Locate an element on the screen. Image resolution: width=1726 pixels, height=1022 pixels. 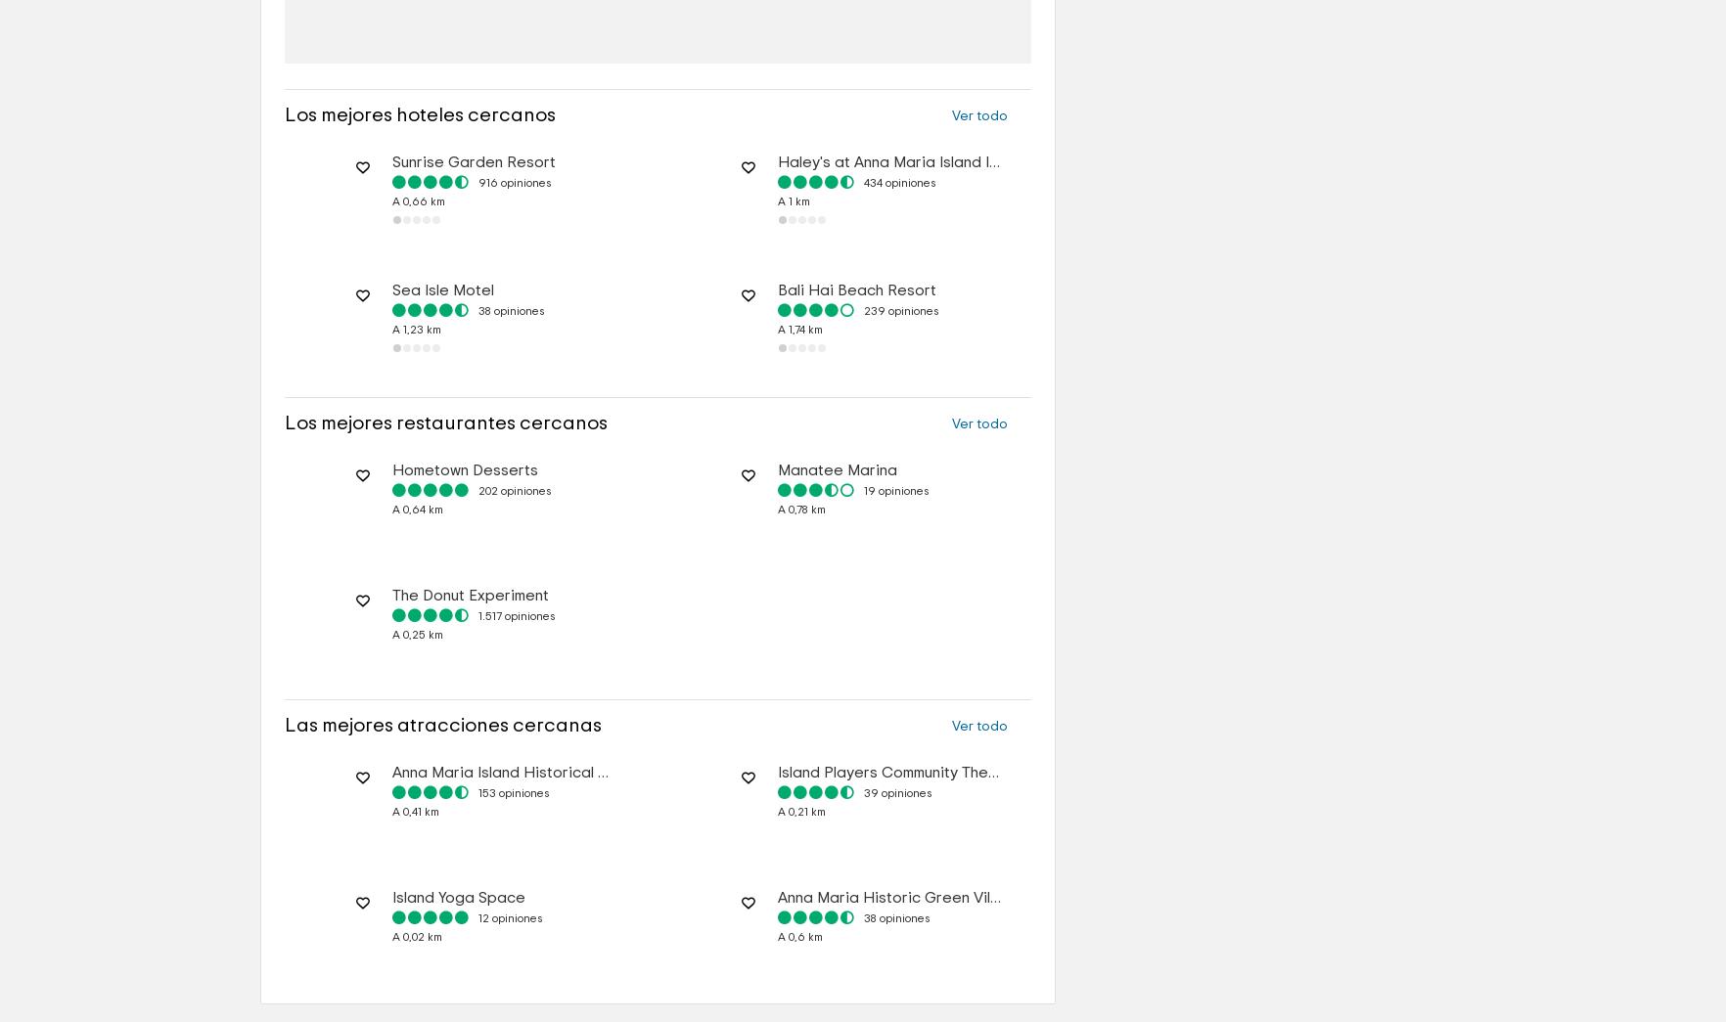
'19 opiniones' is located at coordinates (894, 550).